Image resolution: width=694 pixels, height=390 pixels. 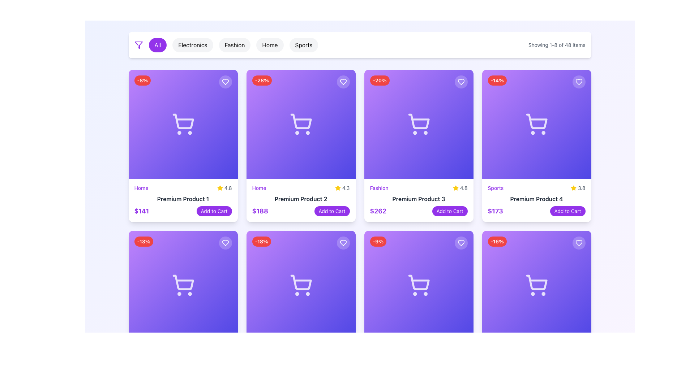 I want to click on the heart icon button located at the top right corner of the product card for 'Premium Product 2' to mark the item as a favorite, so click(x=225, y=243).